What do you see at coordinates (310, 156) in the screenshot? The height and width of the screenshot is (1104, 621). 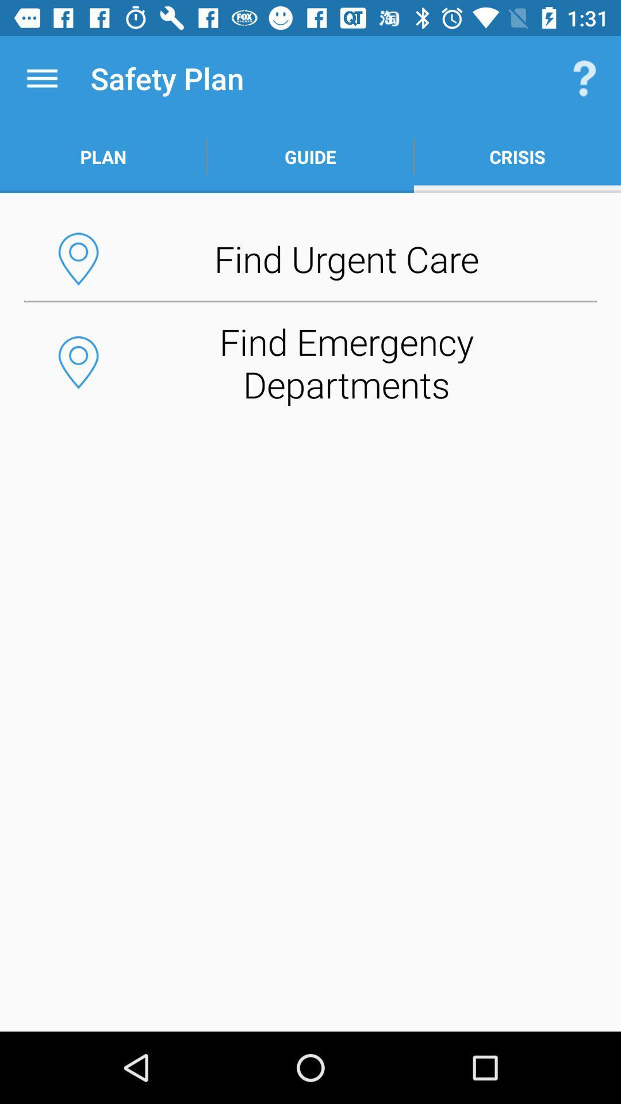 I see `the app to the left of the crisis item` at bounding box center [310, 156].